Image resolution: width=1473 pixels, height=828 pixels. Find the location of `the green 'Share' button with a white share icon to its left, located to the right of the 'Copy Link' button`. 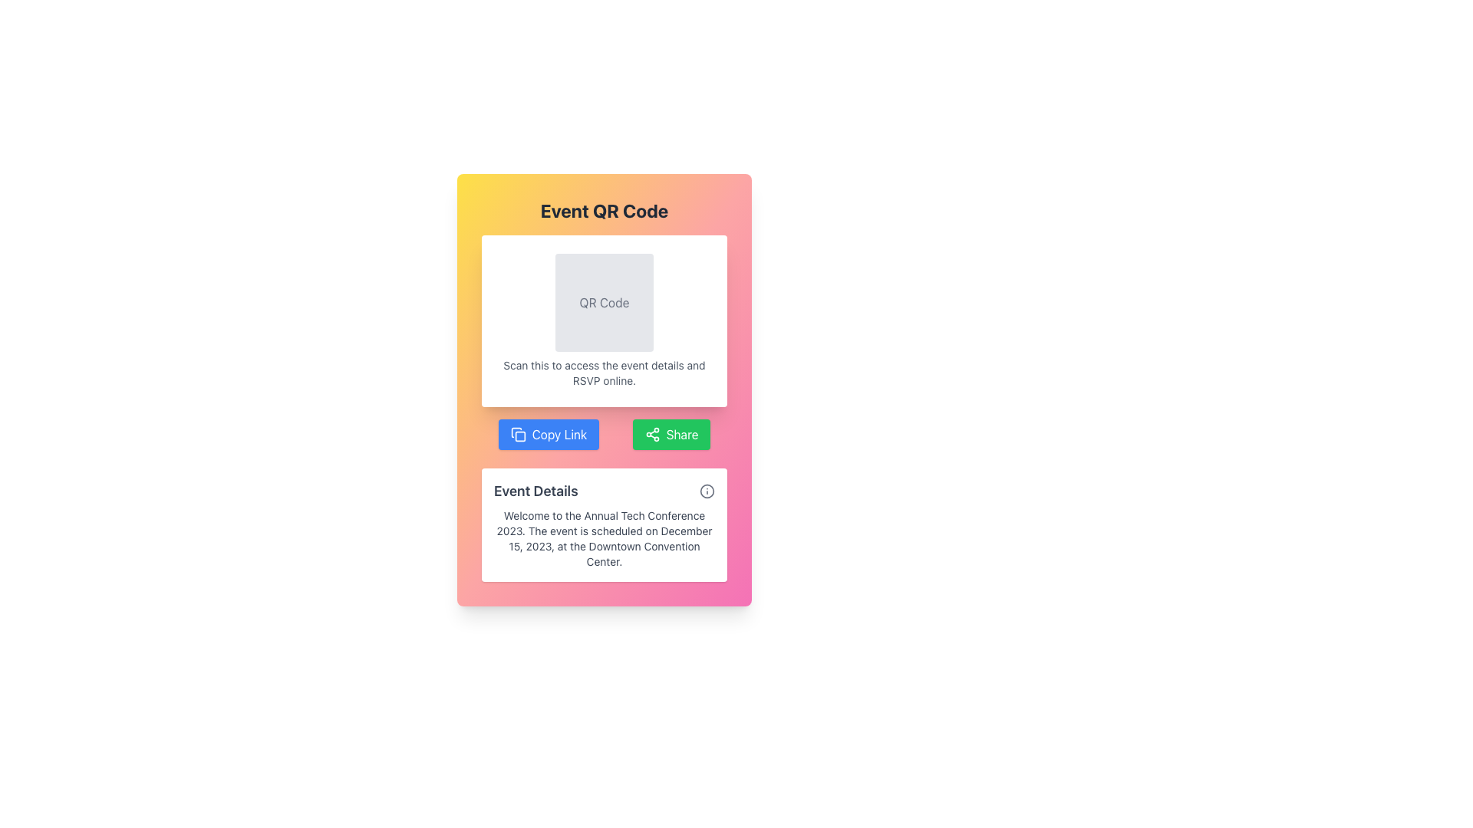

the green 'Share' button with a white share icon to its left, located to the right of the 'Copy Link' button is located at coordinates (671, 435).